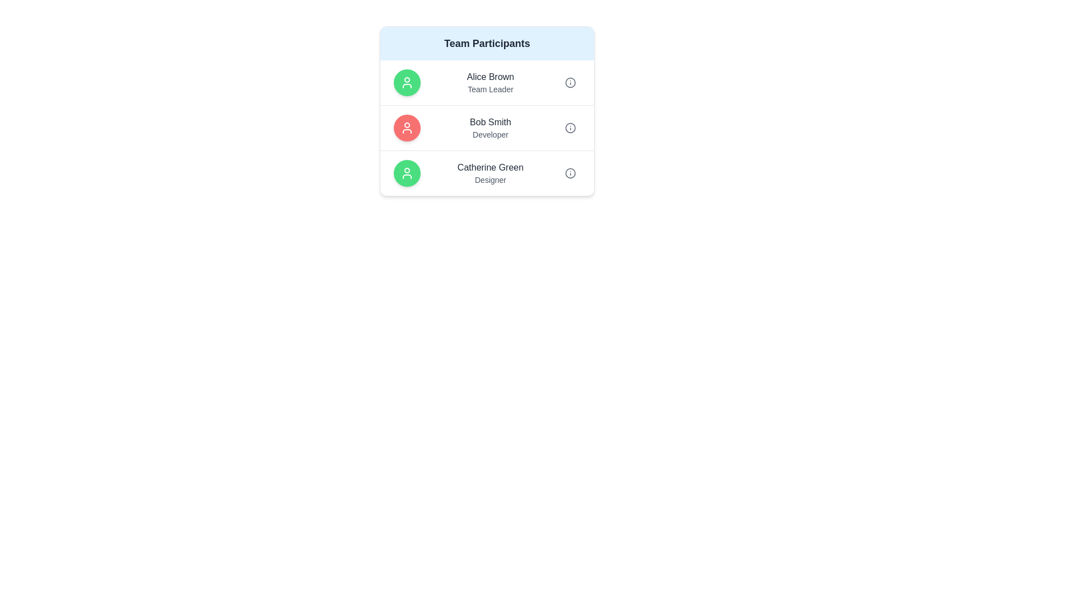 The width and height of the screenshot is (1074, 604). Describe the element at coordinates (491, 173) in the screenshot. I see `the text block displaying 'Catherine Green' and her designation 'Designer', which is the third item in the 'Team Participants' list` at that location.